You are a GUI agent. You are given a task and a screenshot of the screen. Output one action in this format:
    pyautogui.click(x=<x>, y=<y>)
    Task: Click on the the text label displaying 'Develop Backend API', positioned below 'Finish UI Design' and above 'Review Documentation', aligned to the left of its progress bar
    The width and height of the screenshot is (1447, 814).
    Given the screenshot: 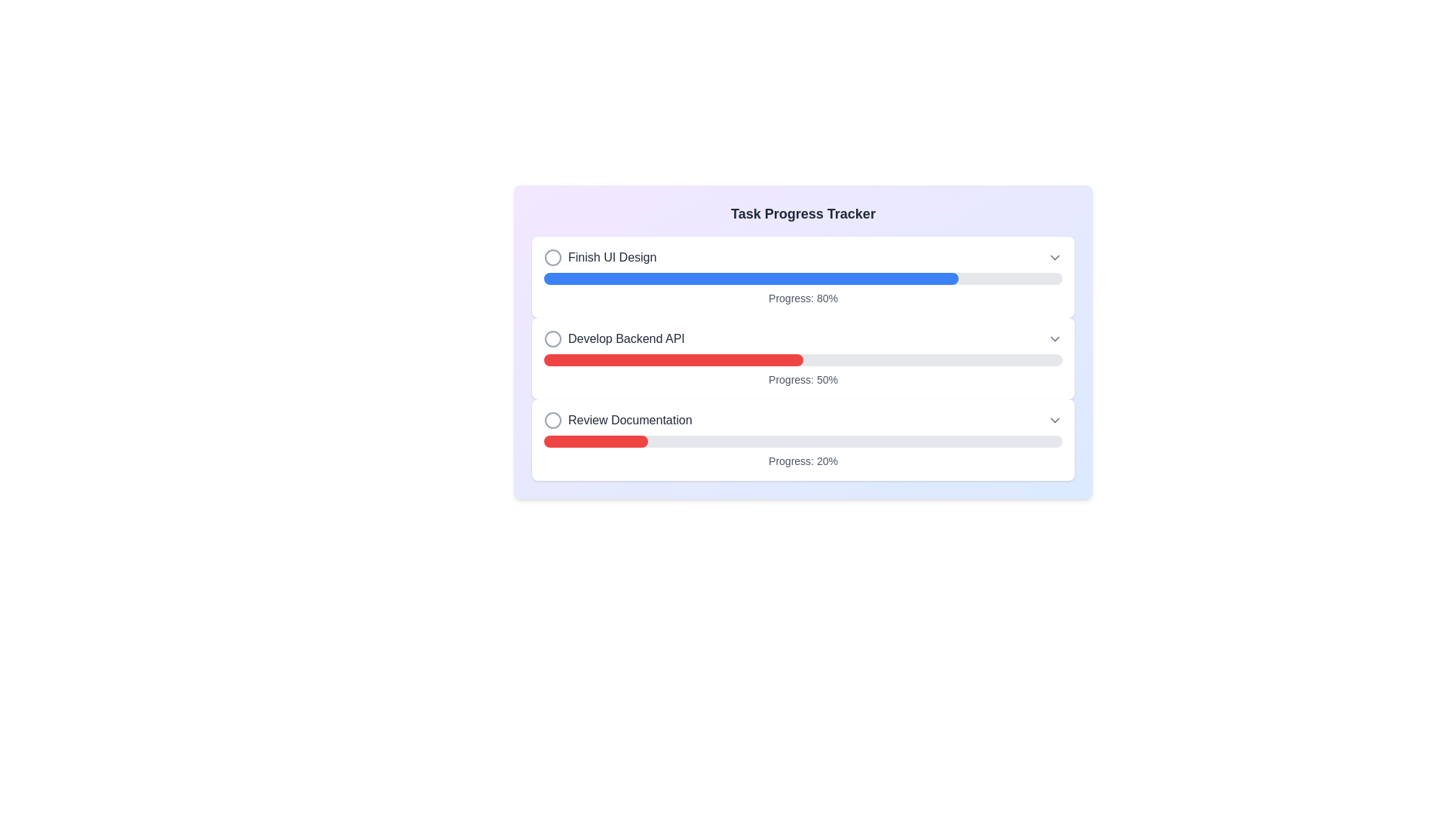 What is the action you would take?
    pyautogui.click(x=626, y=339)
    